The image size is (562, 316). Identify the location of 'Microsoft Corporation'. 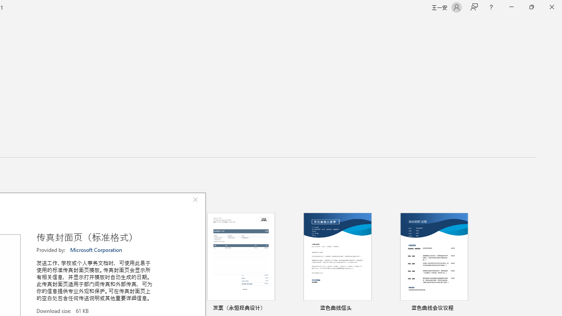
(97, 250).